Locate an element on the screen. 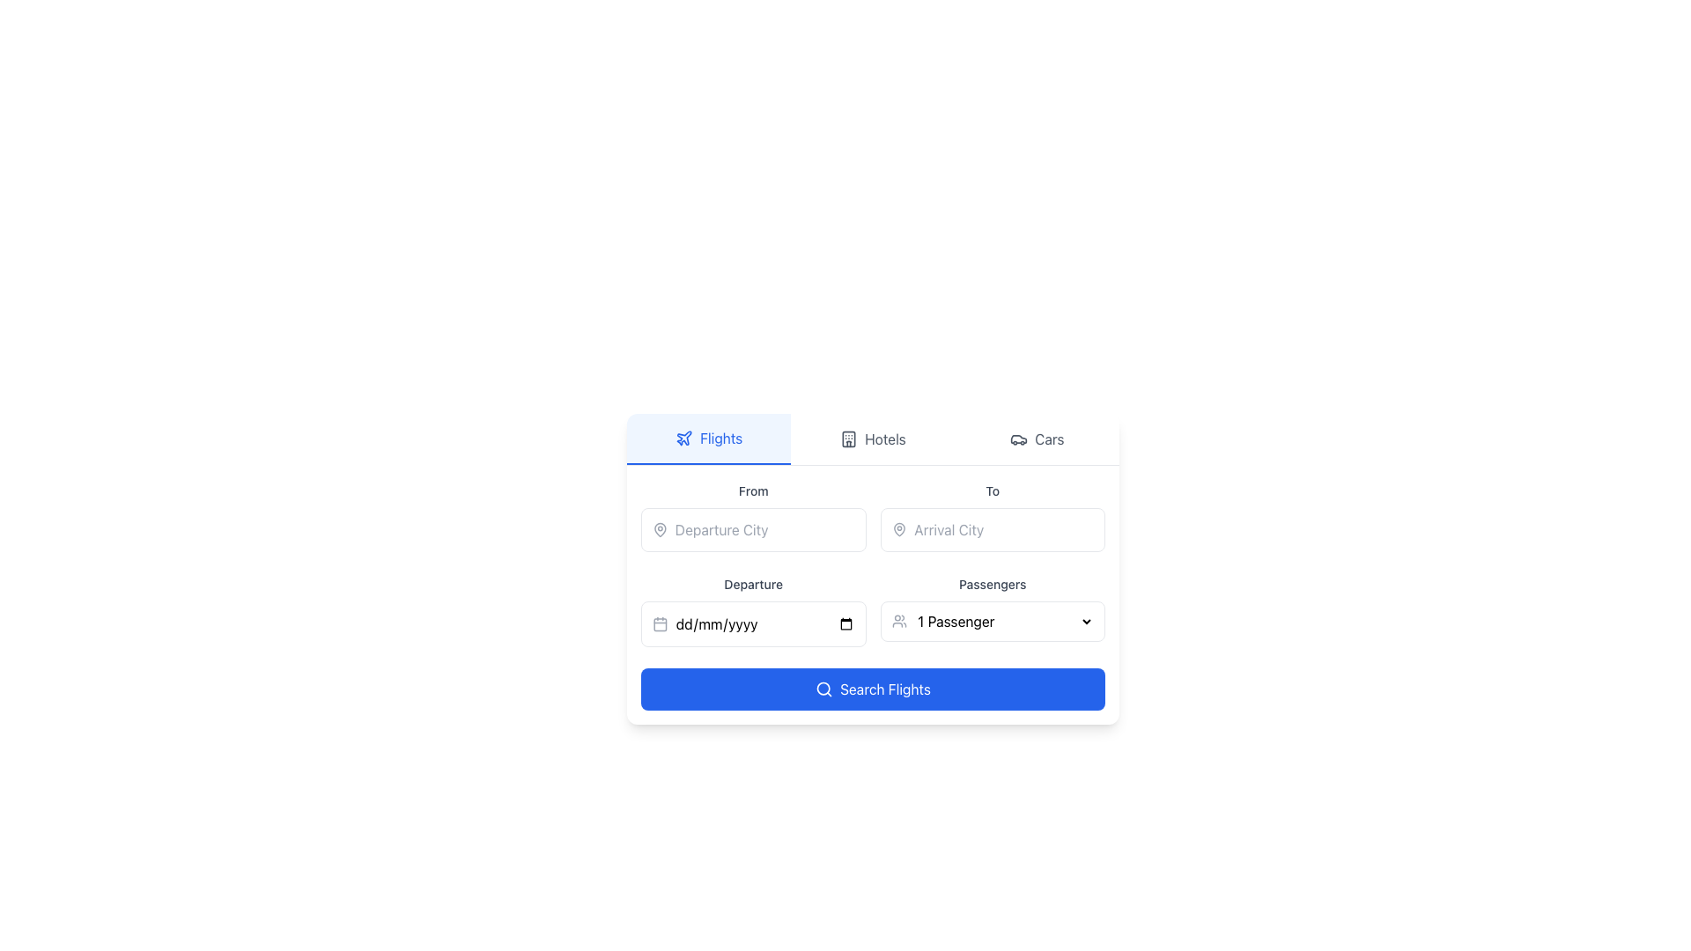  the 'Search Flights' button, which is represented by a circle indicating a search action, located at the center-left of the button icon is located at coordinates (823, 688).